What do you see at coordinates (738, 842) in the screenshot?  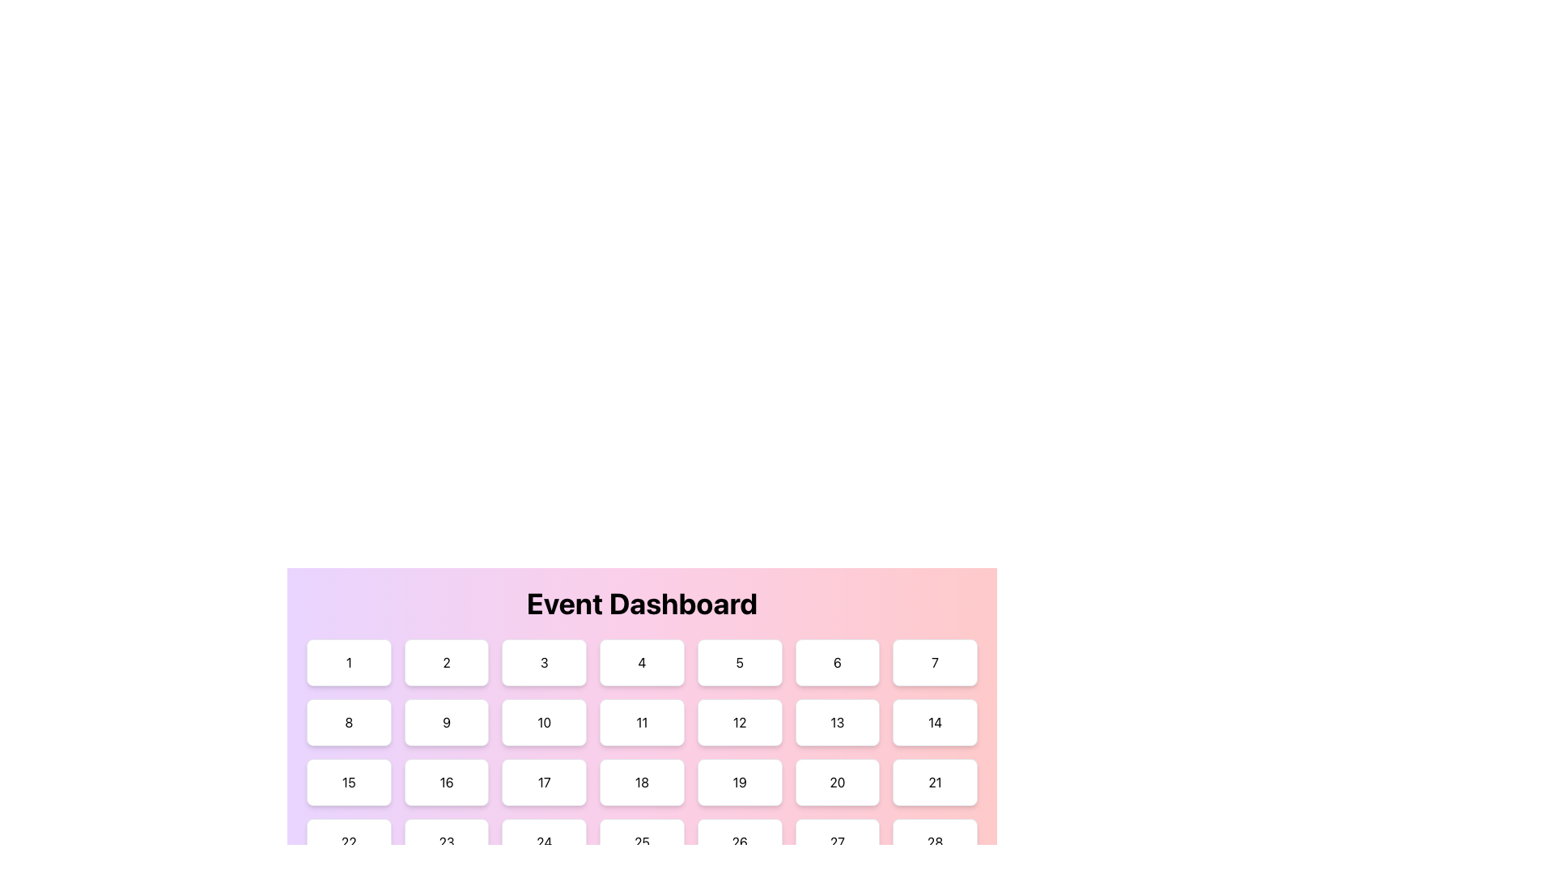 I see `the square-shaped button labeled '26' with a rounded border and white background, located` at bounding box center [738, 842].